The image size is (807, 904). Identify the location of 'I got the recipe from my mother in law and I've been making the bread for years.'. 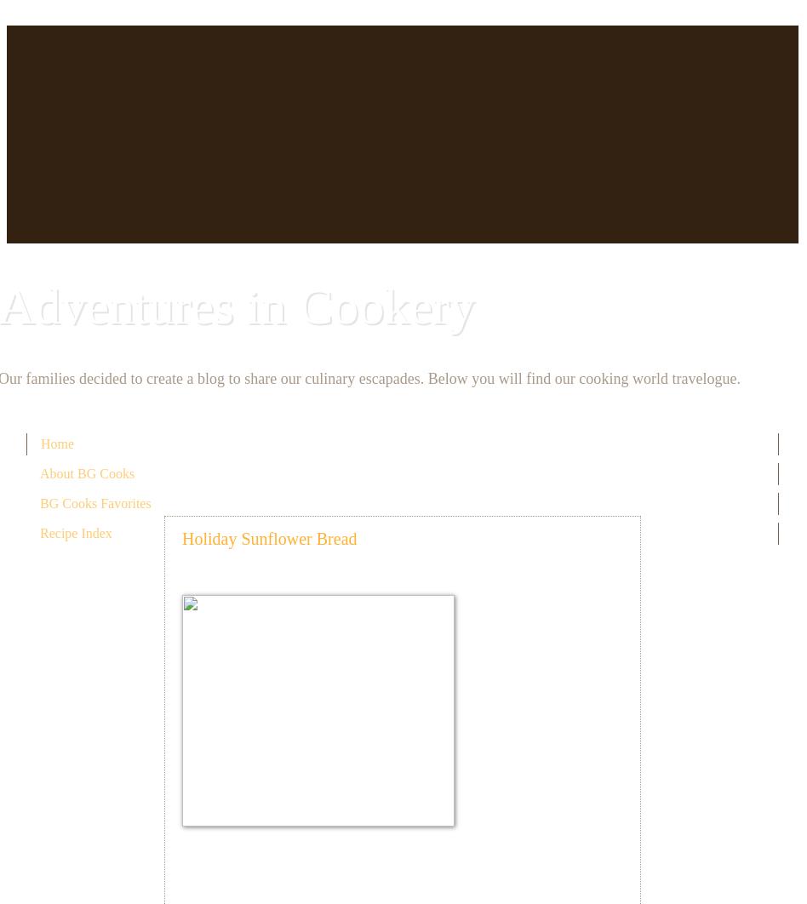
(528, 739).